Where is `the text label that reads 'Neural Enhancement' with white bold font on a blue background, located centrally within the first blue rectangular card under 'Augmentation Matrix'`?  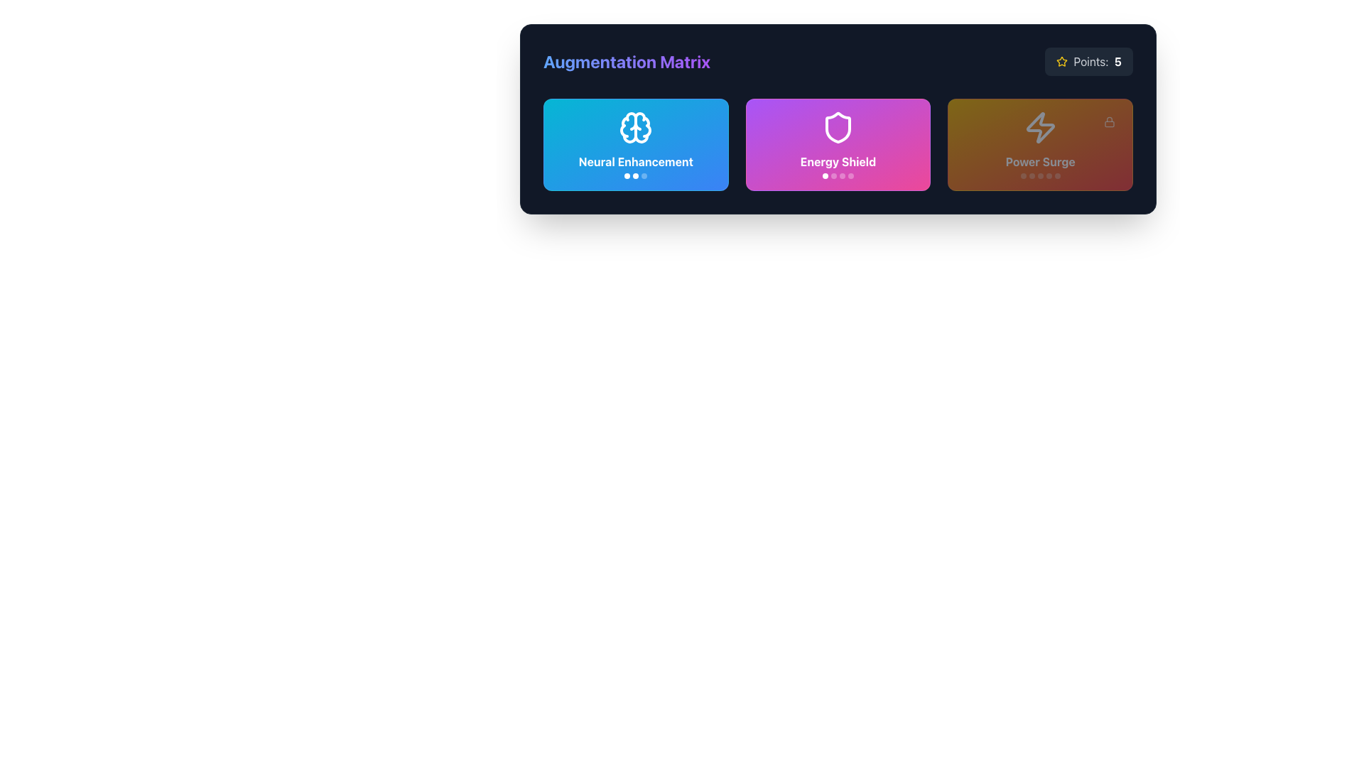
the text label that reads 'Neural Enhancement' with white bold font on a blue background, located centrally within the first blue rectangular card under 'Augmentation Matrix' is located at coordinates (635, 161).